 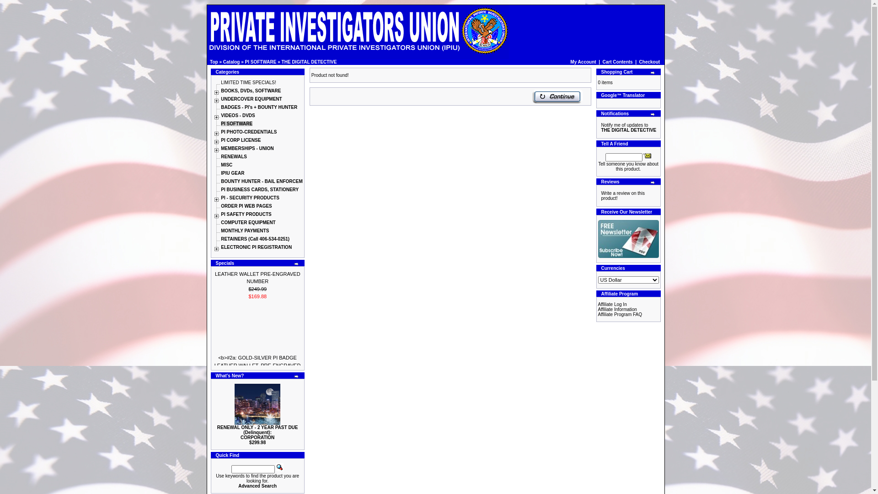 I want to click on 'Affiliate Log In', so click(x=612, y=304).